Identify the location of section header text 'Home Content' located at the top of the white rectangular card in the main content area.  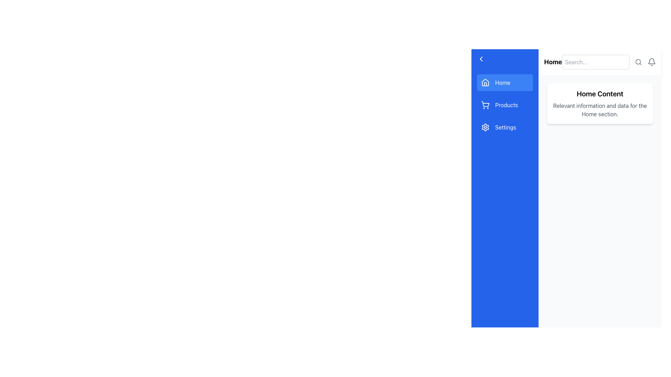
(600, 94).